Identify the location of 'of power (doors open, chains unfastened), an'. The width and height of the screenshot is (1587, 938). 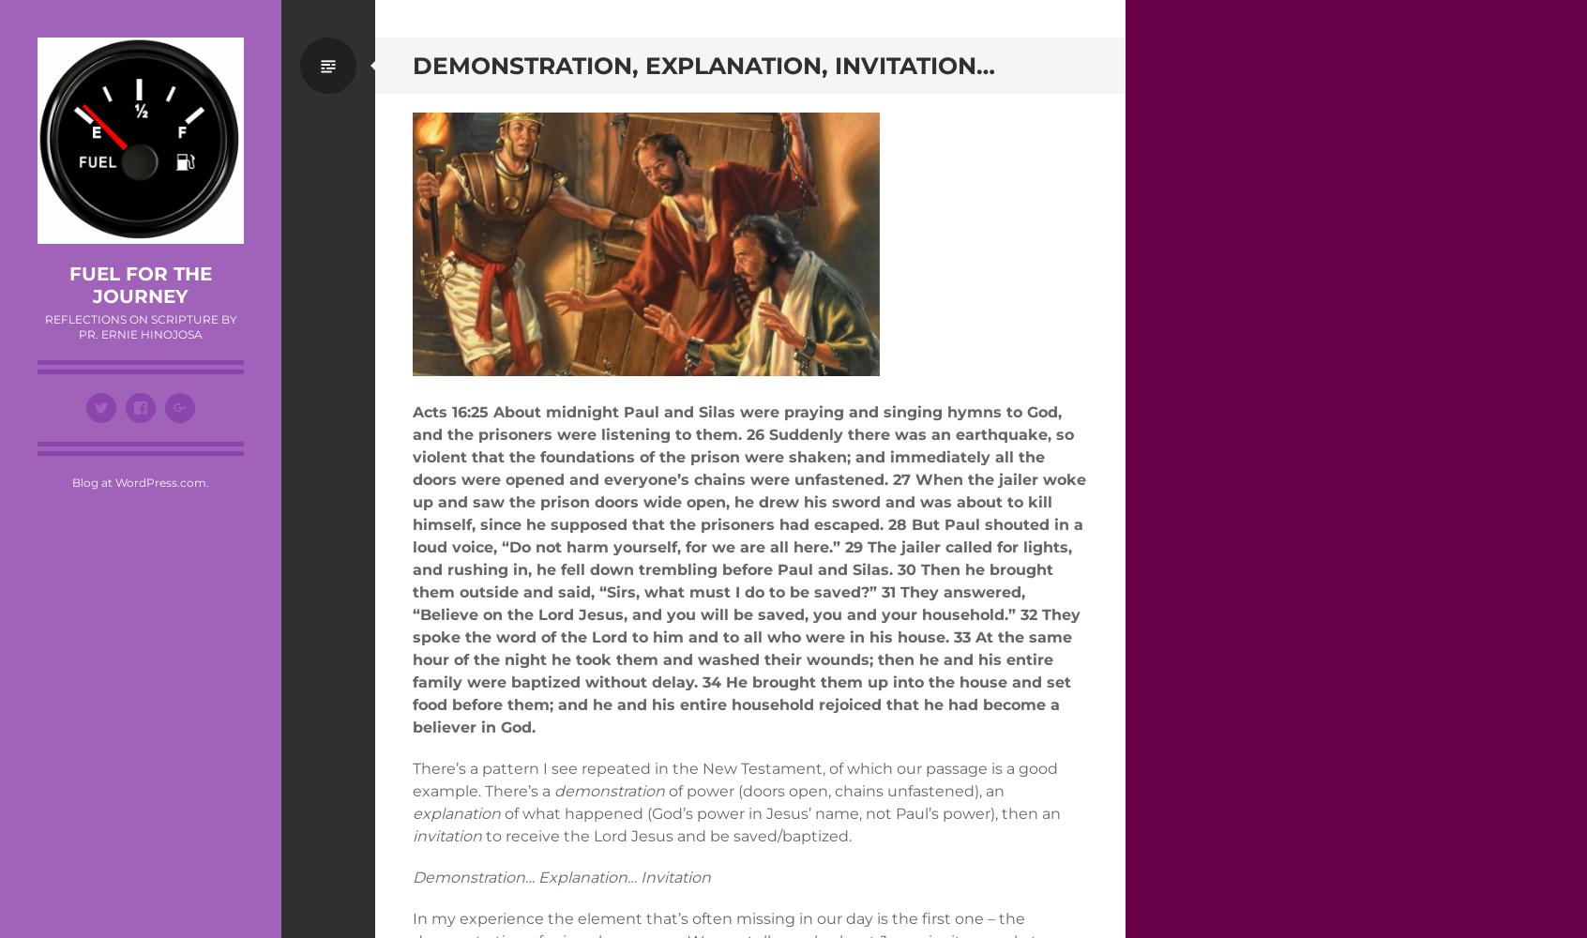
(833, 789).